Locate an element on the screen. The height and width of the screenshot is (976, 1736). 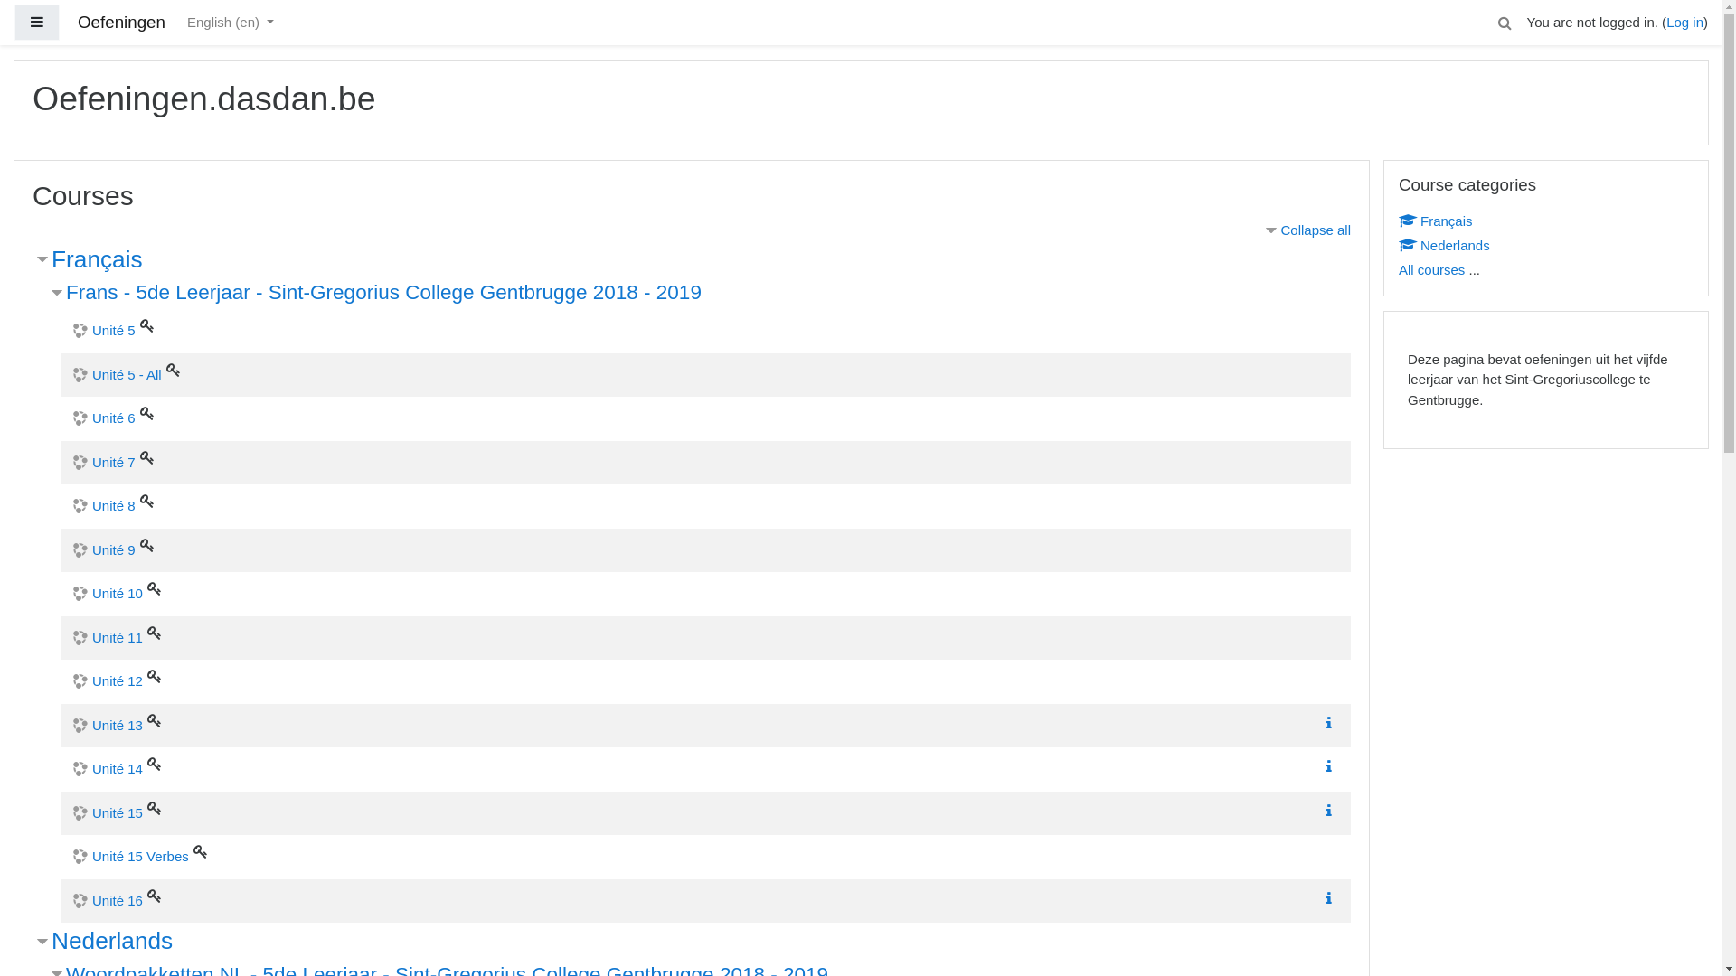
'Self enrolment' is located at coordinates (147, 895).